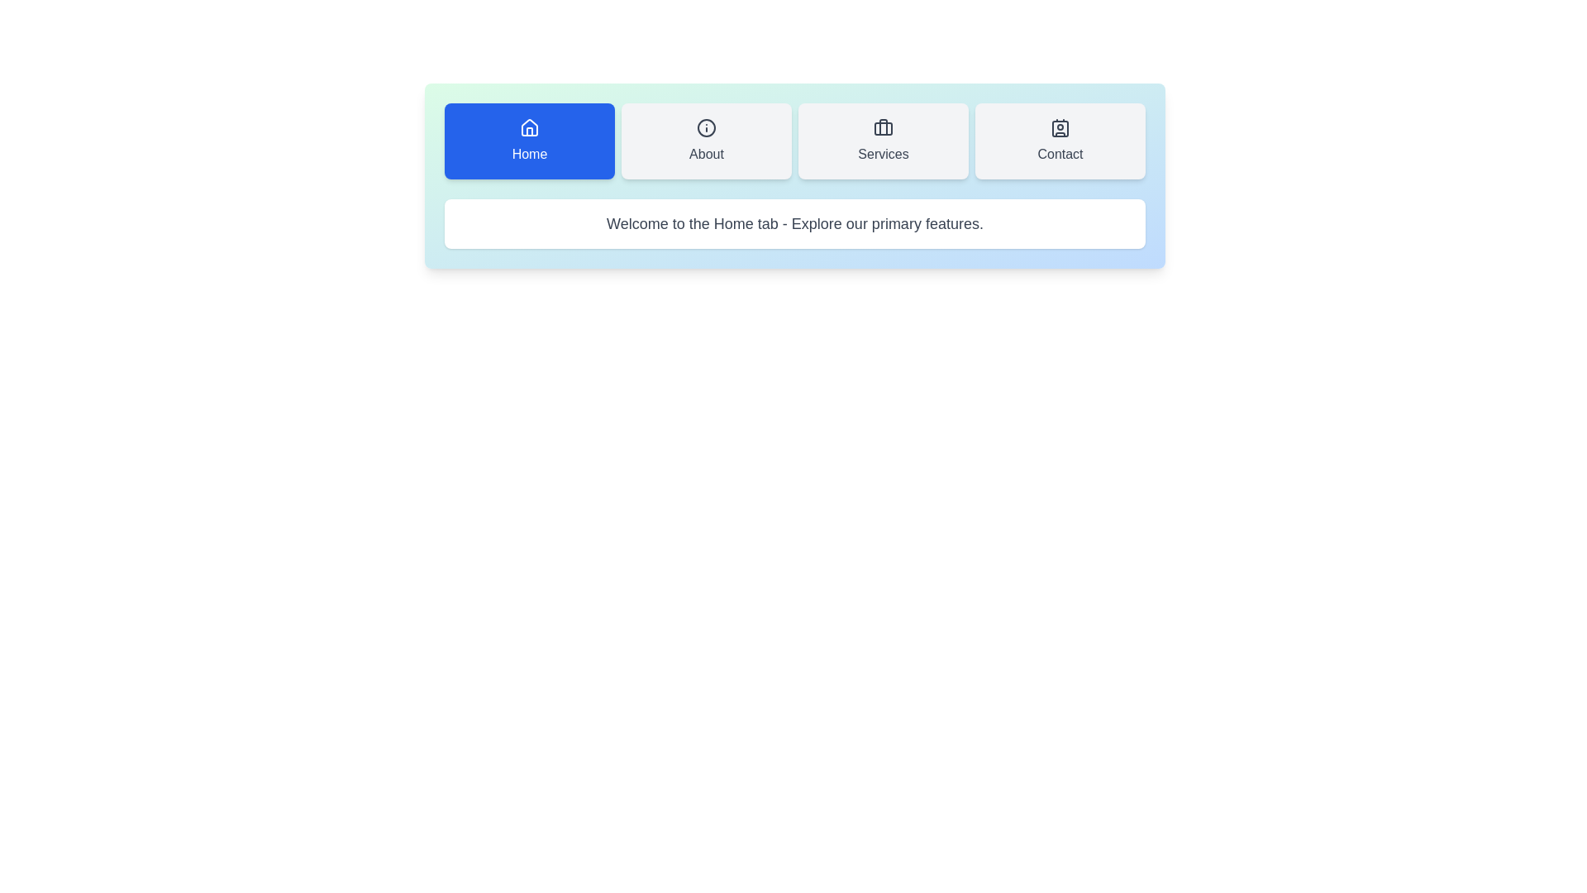 Image resolution: width=1587 pixels, height=893 pixels. What do you see at coordinates (706, 127) in the screenshot?
I see `the visual cue circle representing the 'About' section, located at the center of the 'About' button area` at bounding box center [706, 127].